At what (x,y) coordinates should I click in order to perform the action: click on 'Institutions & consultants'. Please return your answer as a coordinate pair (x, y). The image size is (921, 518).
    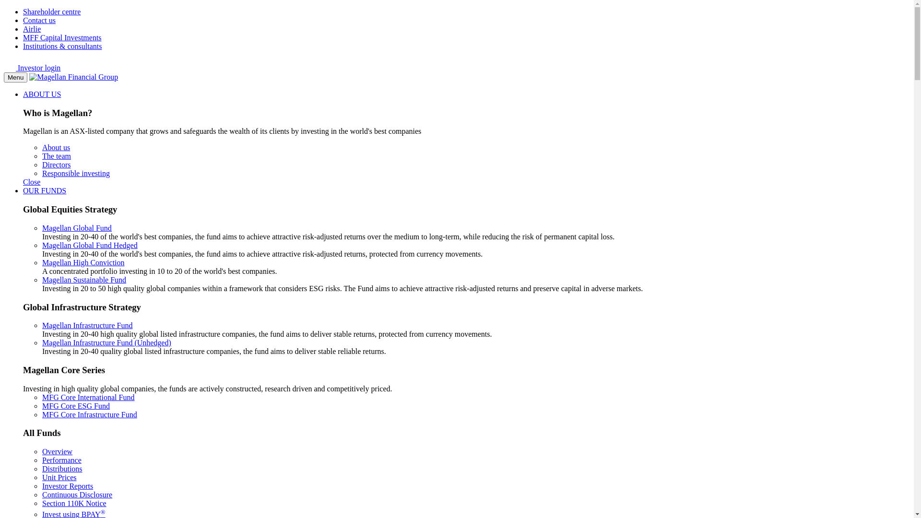
    Looking at the image, I should click on (61, 46).